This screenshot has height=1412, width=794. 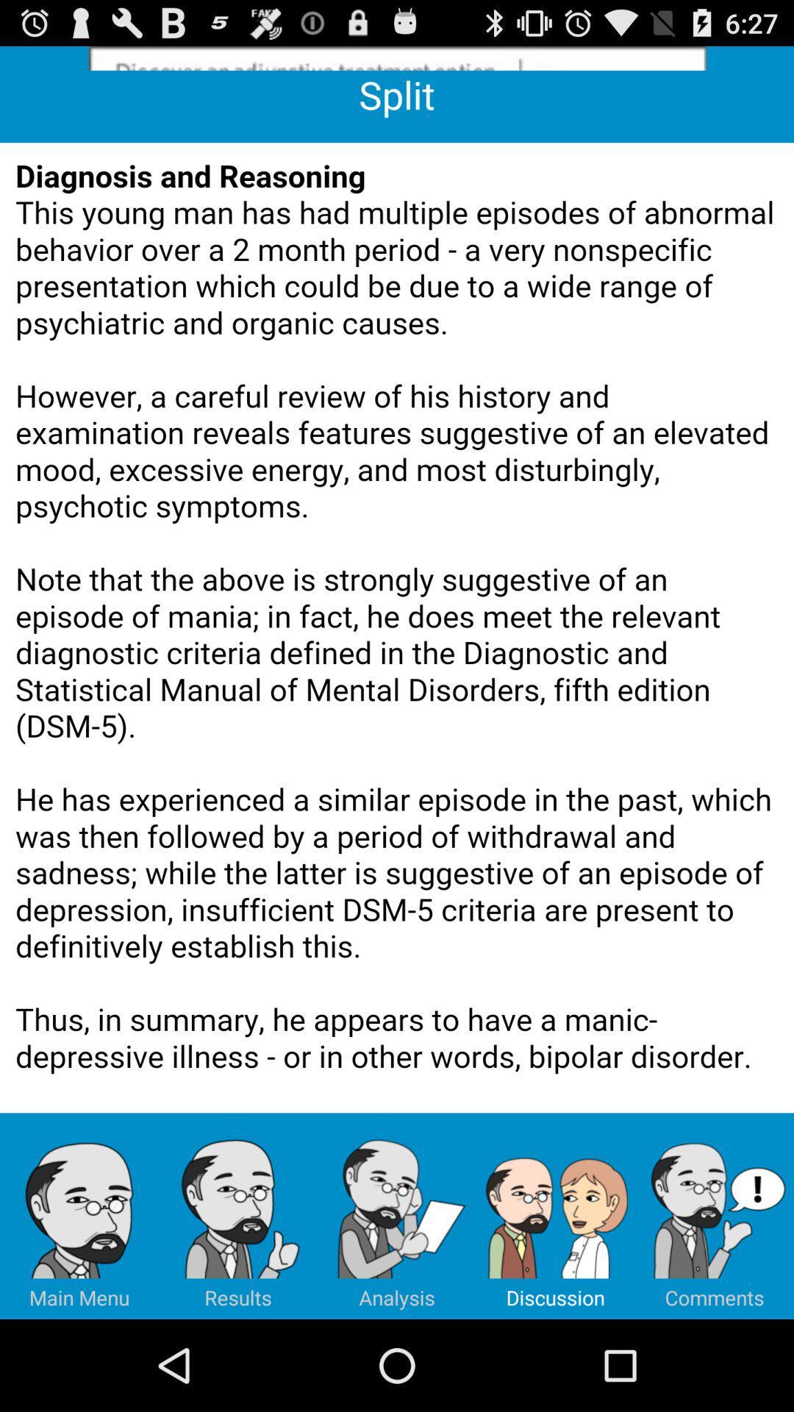 What do you see at coordinates (397, 58) in the screenshot?
I see `advertisement` at bounding box center [397, 58].